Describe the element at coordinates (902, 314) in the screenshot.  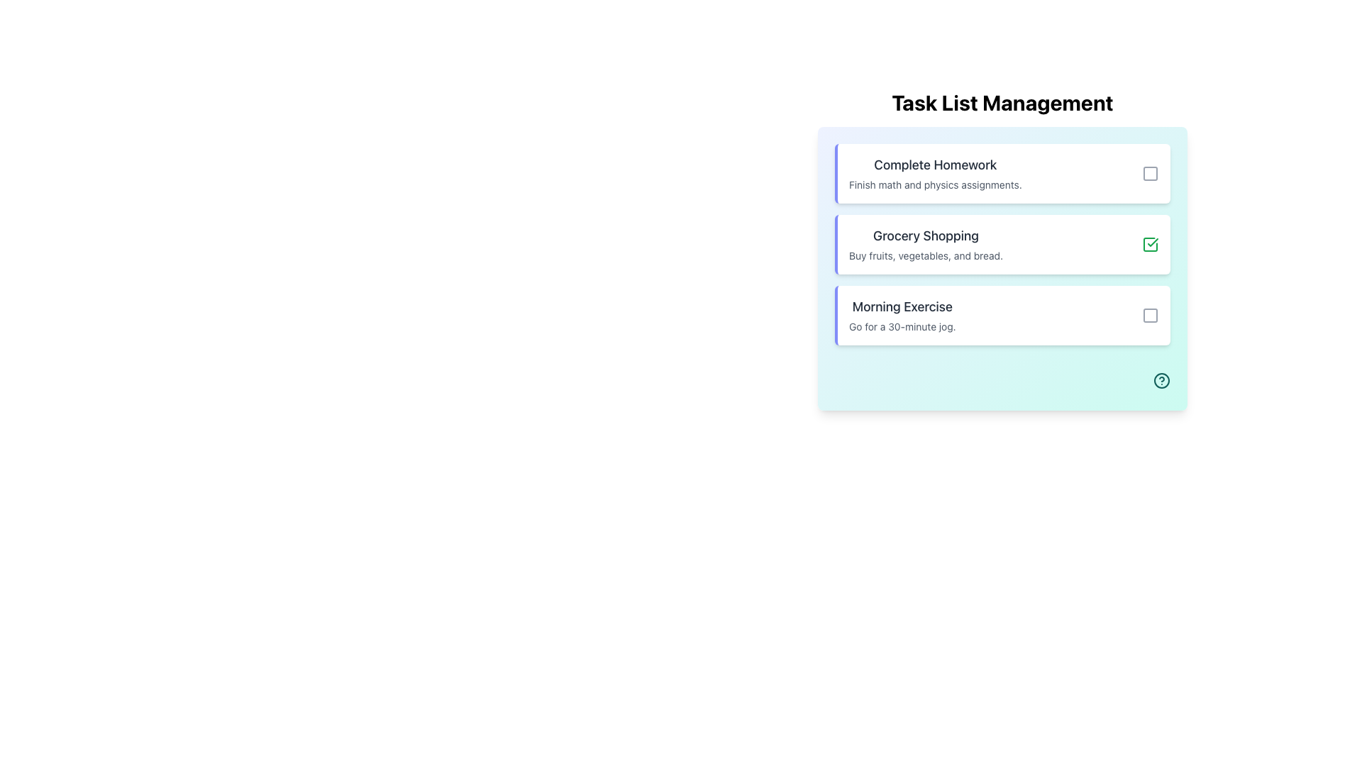
I see `title 'Morning Exercise' and the task description 'Go for a 30-minute jog.' from the Text Label element located in the third card of the task list under 'Task List Management.'` at that location.